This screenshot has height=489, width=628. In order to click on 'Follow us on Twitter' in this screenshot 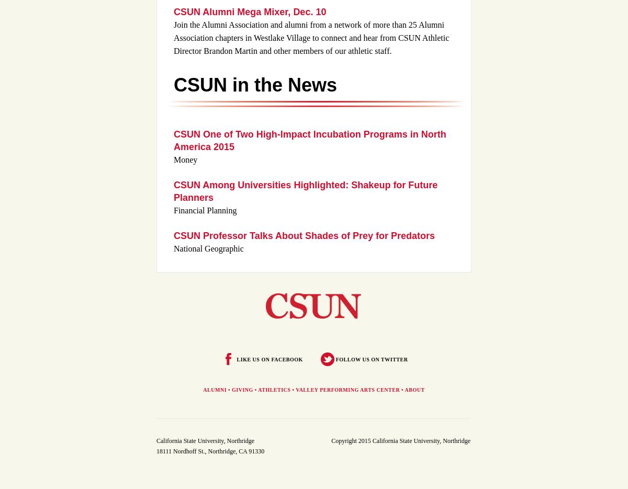, I will do `click(372, 358)`.